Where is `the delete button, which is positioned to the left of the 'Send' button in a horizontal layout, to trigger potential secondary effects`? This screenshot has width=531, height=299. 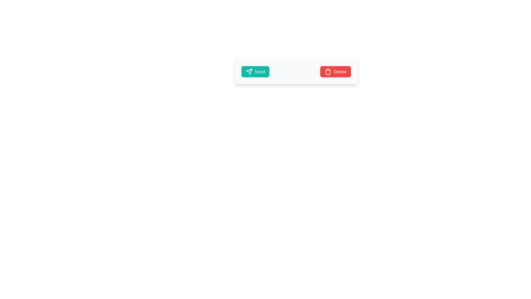 the delete button, which is positioned to the left of the 'Send' button in a horizontal layout, to trigger potential secondary effects is located at coordinates (335, 71).